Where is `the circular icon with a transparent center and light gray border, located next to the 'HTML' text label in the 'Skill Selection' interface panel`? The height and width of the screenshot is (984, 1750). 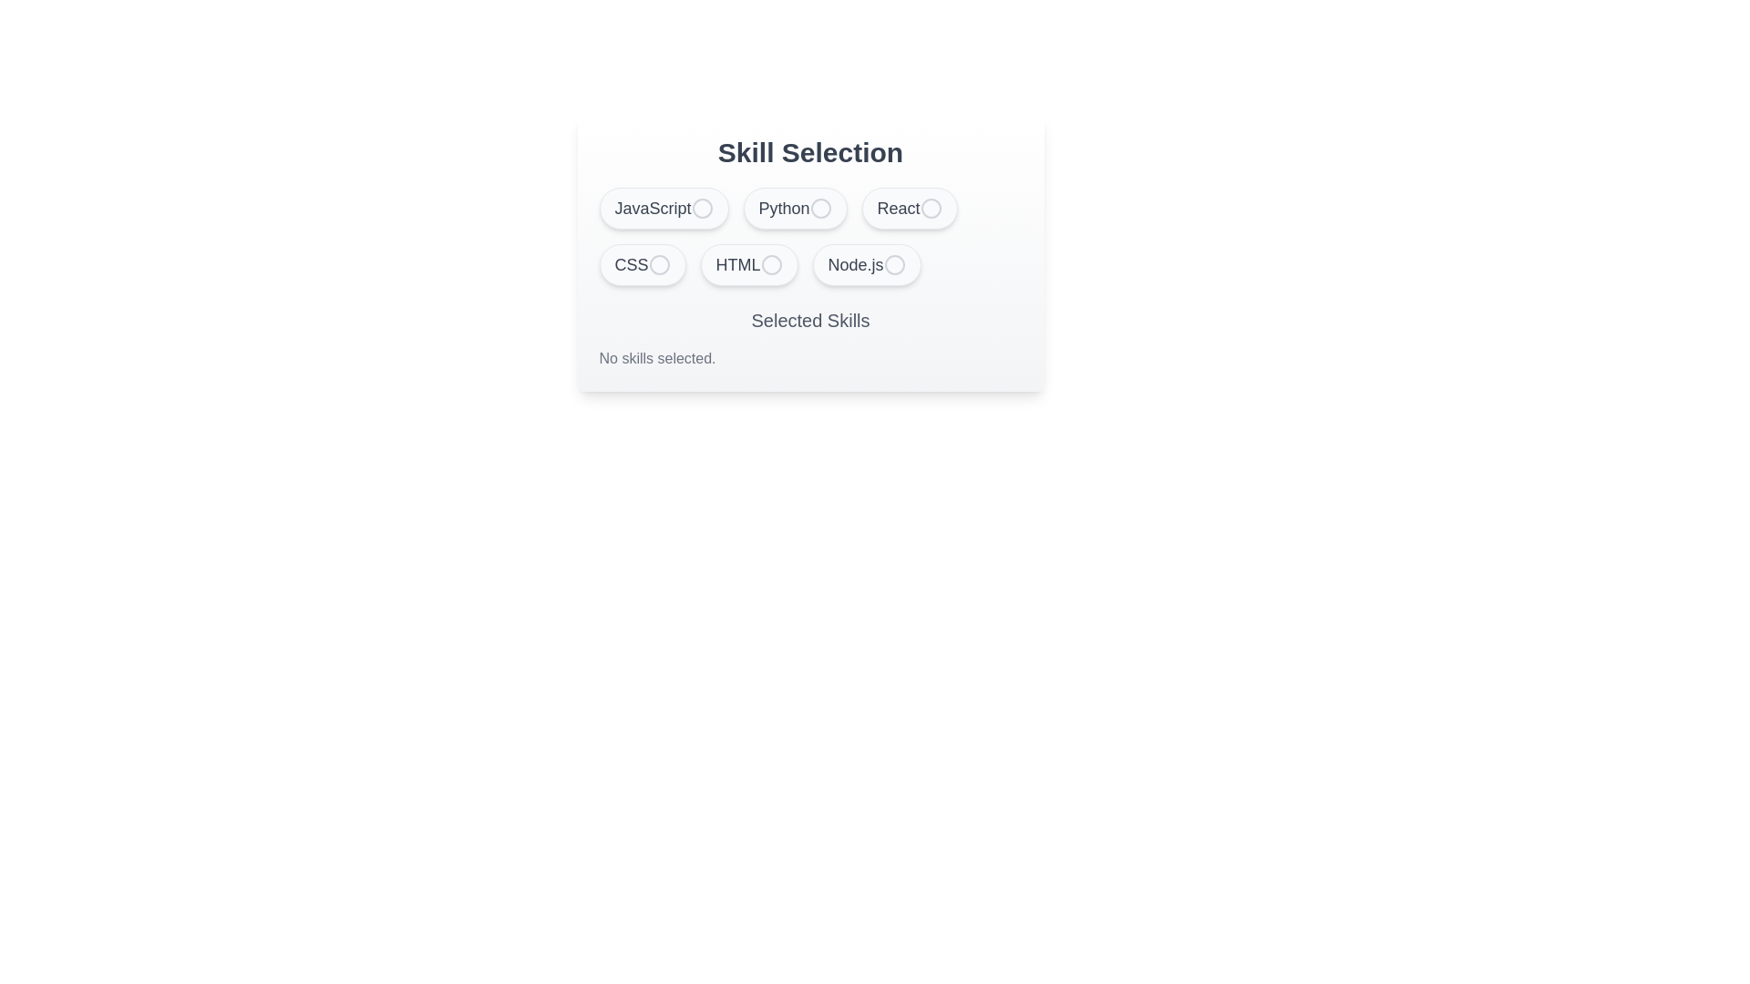 the circular icon with a transparent center and light gray border, located next to the 'HTML' text label in the 'Skill Selection' interface panel is located at coordinates (771, 264).